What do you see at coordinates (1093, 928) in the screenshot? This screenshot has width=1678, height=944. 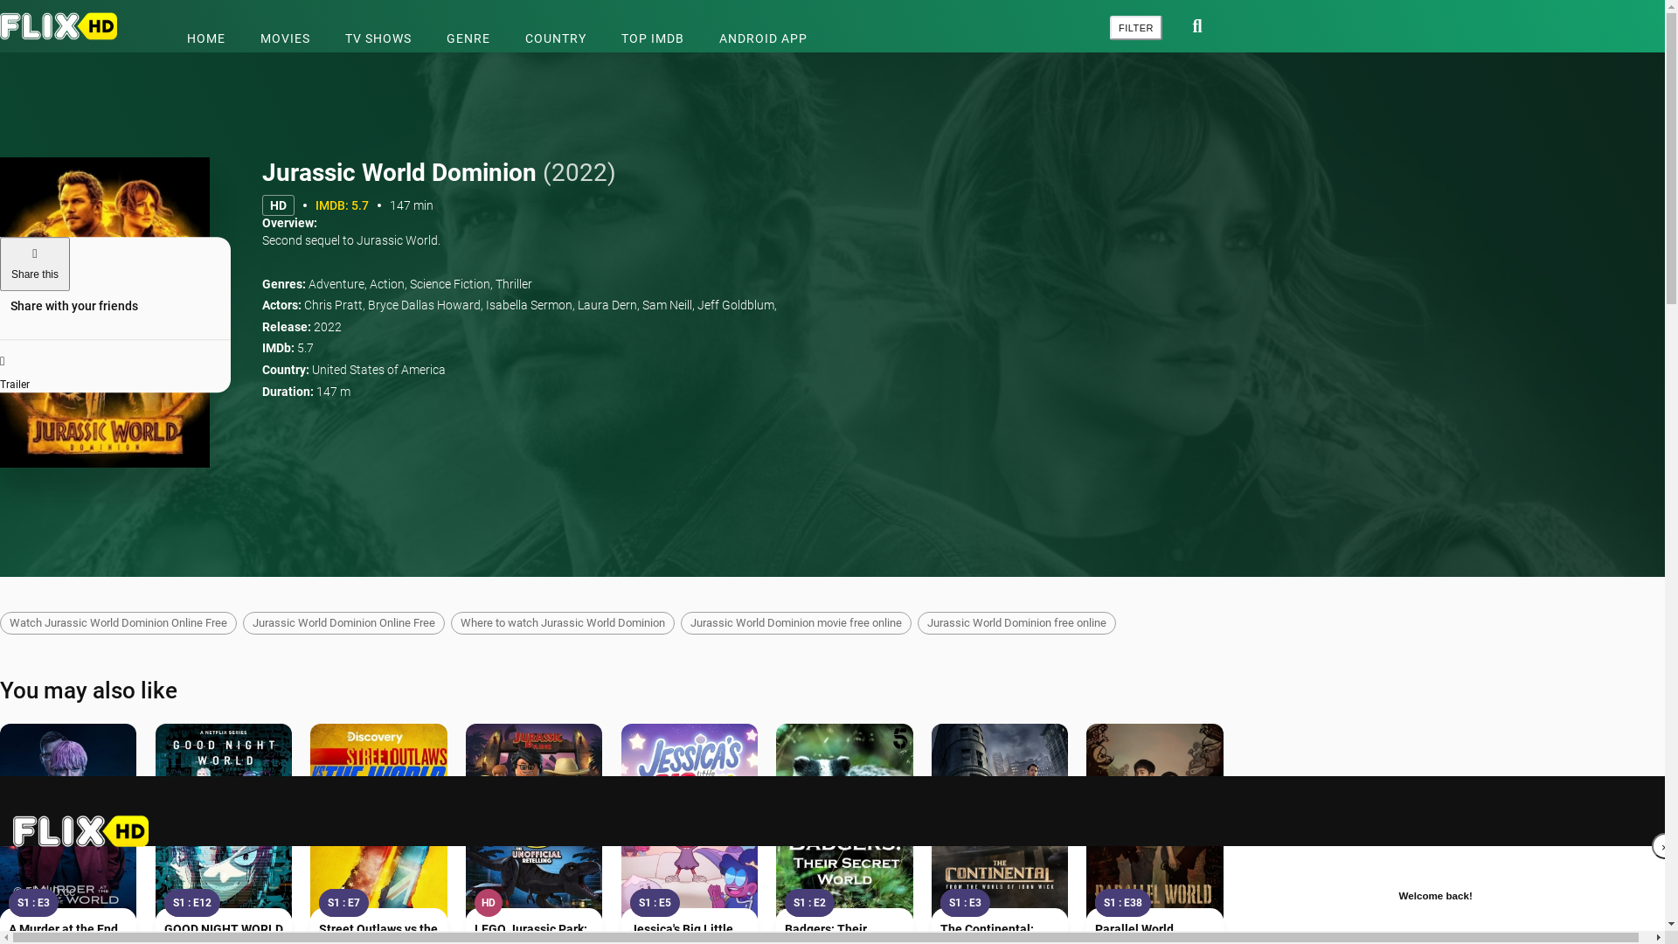 I see `'Parallel World'` at bounding box center [1093, 928].